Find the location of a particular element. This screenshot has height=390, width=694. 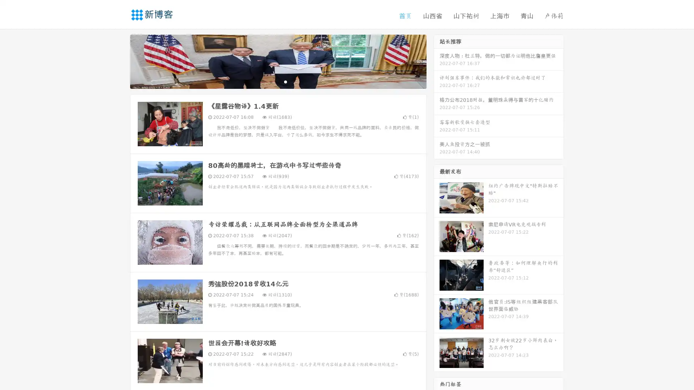

Go to slide 2 is located at coordinates (278, 81).